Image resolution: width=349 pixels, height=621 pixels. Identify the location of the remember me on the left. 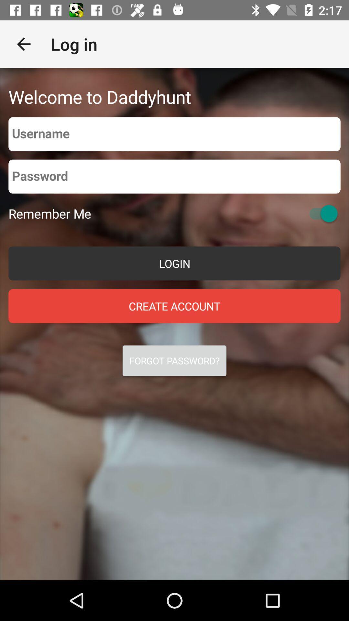
(49, 213).